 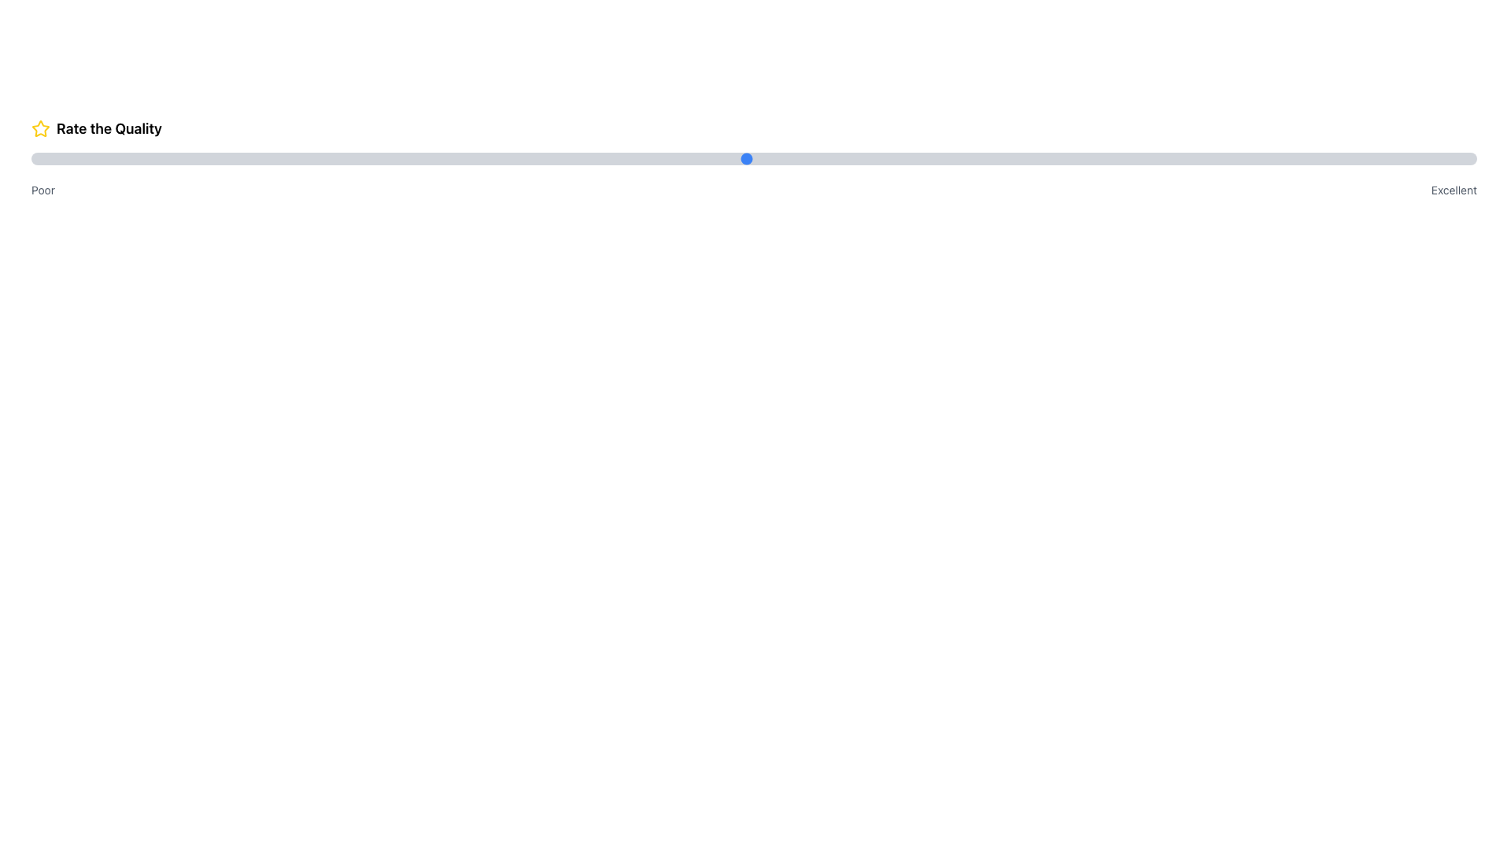 What do you see at coordinates (1454, 190) in the screenshot?
I see `the static text label displaying 'Excellent', which is styled with a dark gray font color and located at the far right of the horizontal bar` at bounding box center [1454, 190].